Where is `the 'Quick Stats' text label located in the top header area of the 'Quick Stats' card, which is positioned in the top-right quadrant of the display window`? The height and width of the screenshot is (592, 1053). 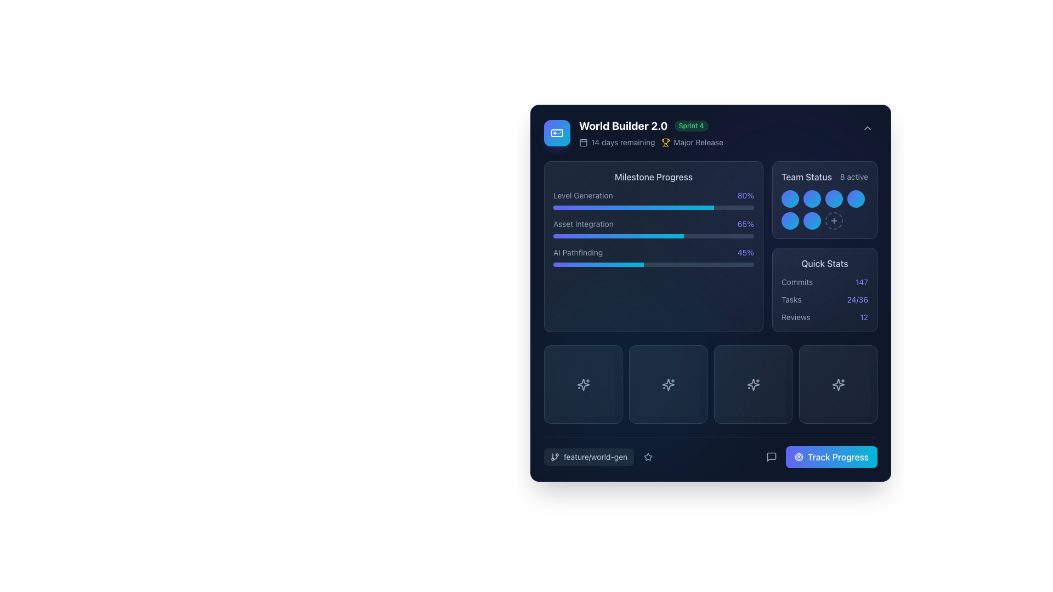 the 'Quick Stats' text label located in the top header area of the 'Quick Stats' card, which is positioned in the top-right quadrant of the display window is located at coordinates (824, 264).